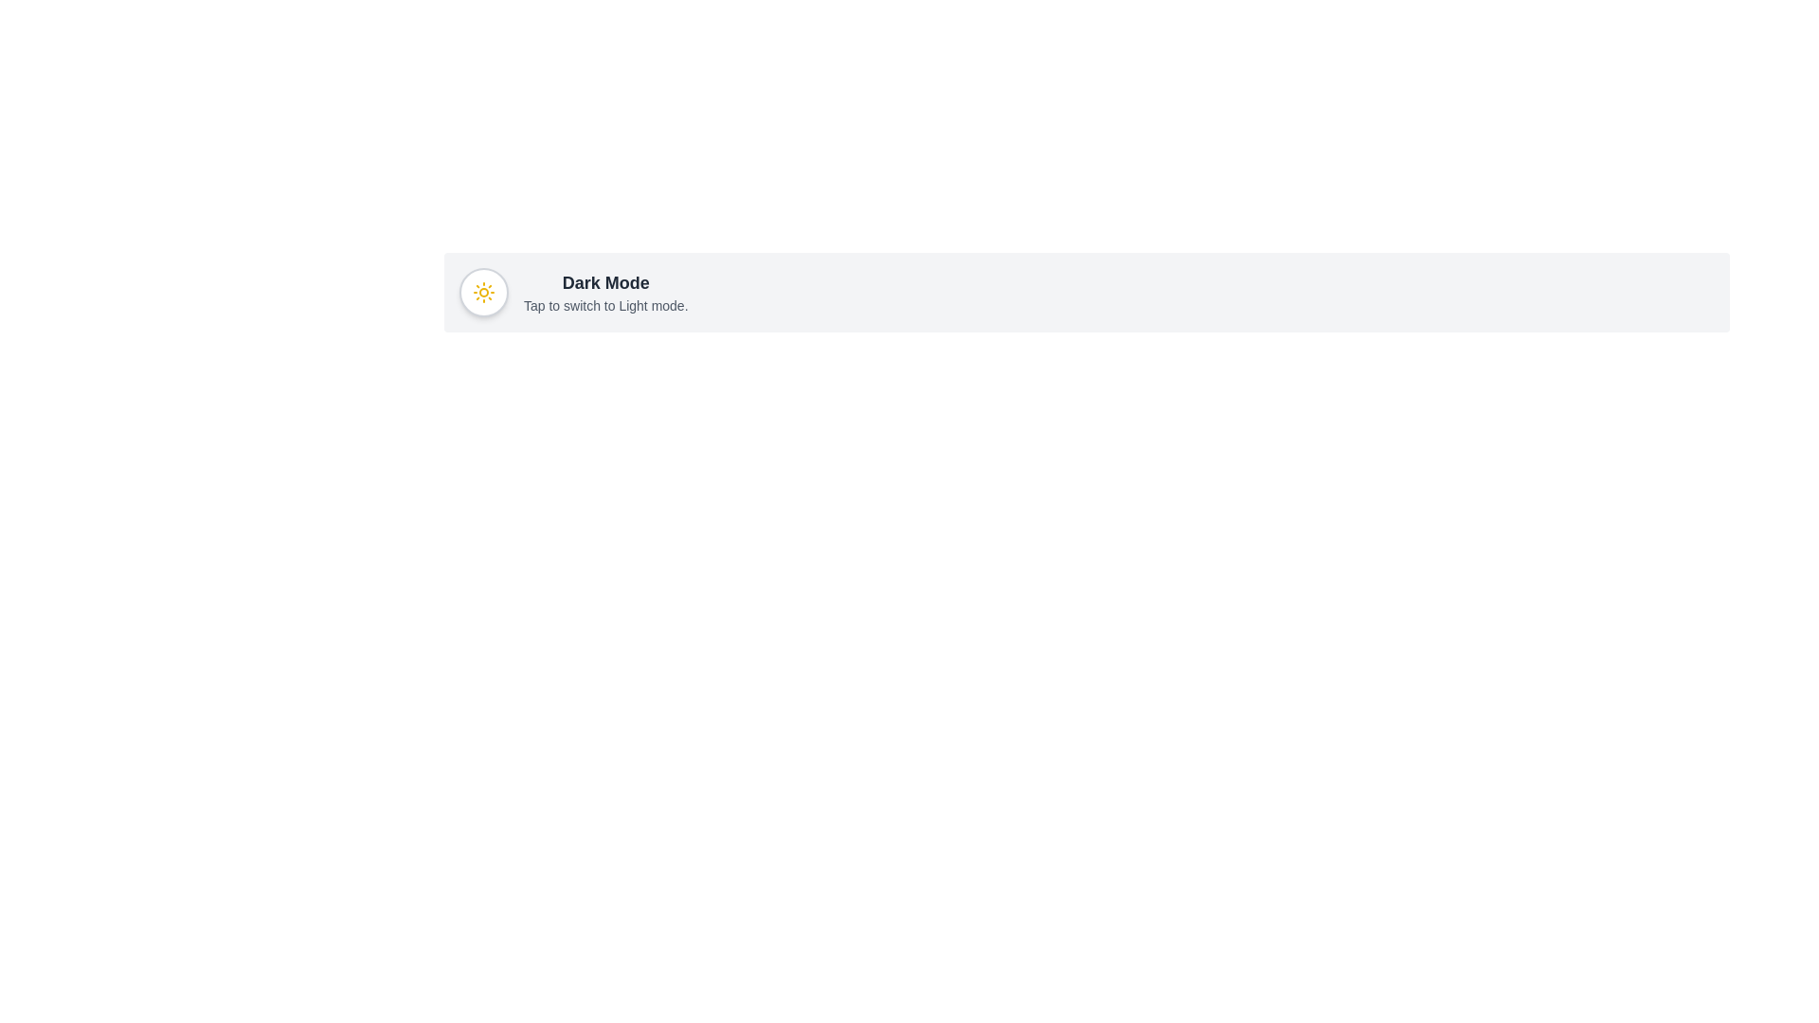 The image size is (1819, 1023). What do you see at coordinates (483, 292) in the screenshot?
I see `the central SVG icon representing light mode in the toggle switch for adjusting between light and dark themes` at bounding box center [483, 292].